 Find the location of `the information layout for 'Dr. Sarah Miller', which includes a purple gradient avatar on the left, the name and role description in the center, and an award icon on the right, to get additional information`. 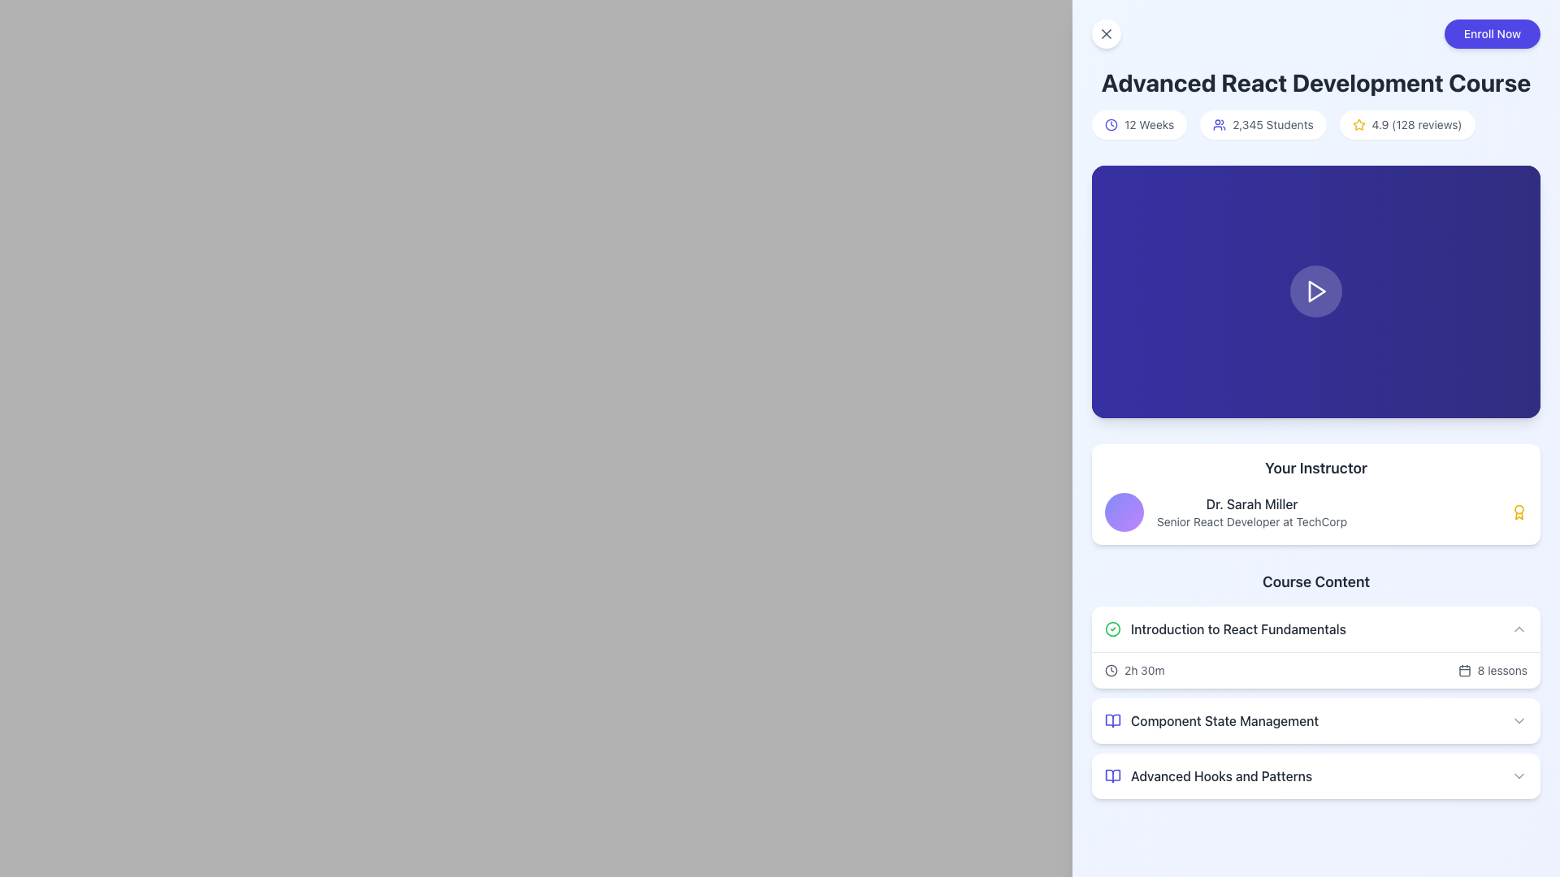

the information layout for 'Dr. Sarah Miller', which includes a purple gradient avatar on the left, the name and role description in the center, and an award icon on the right, to get additional information is located at coordinates (1316, 512).